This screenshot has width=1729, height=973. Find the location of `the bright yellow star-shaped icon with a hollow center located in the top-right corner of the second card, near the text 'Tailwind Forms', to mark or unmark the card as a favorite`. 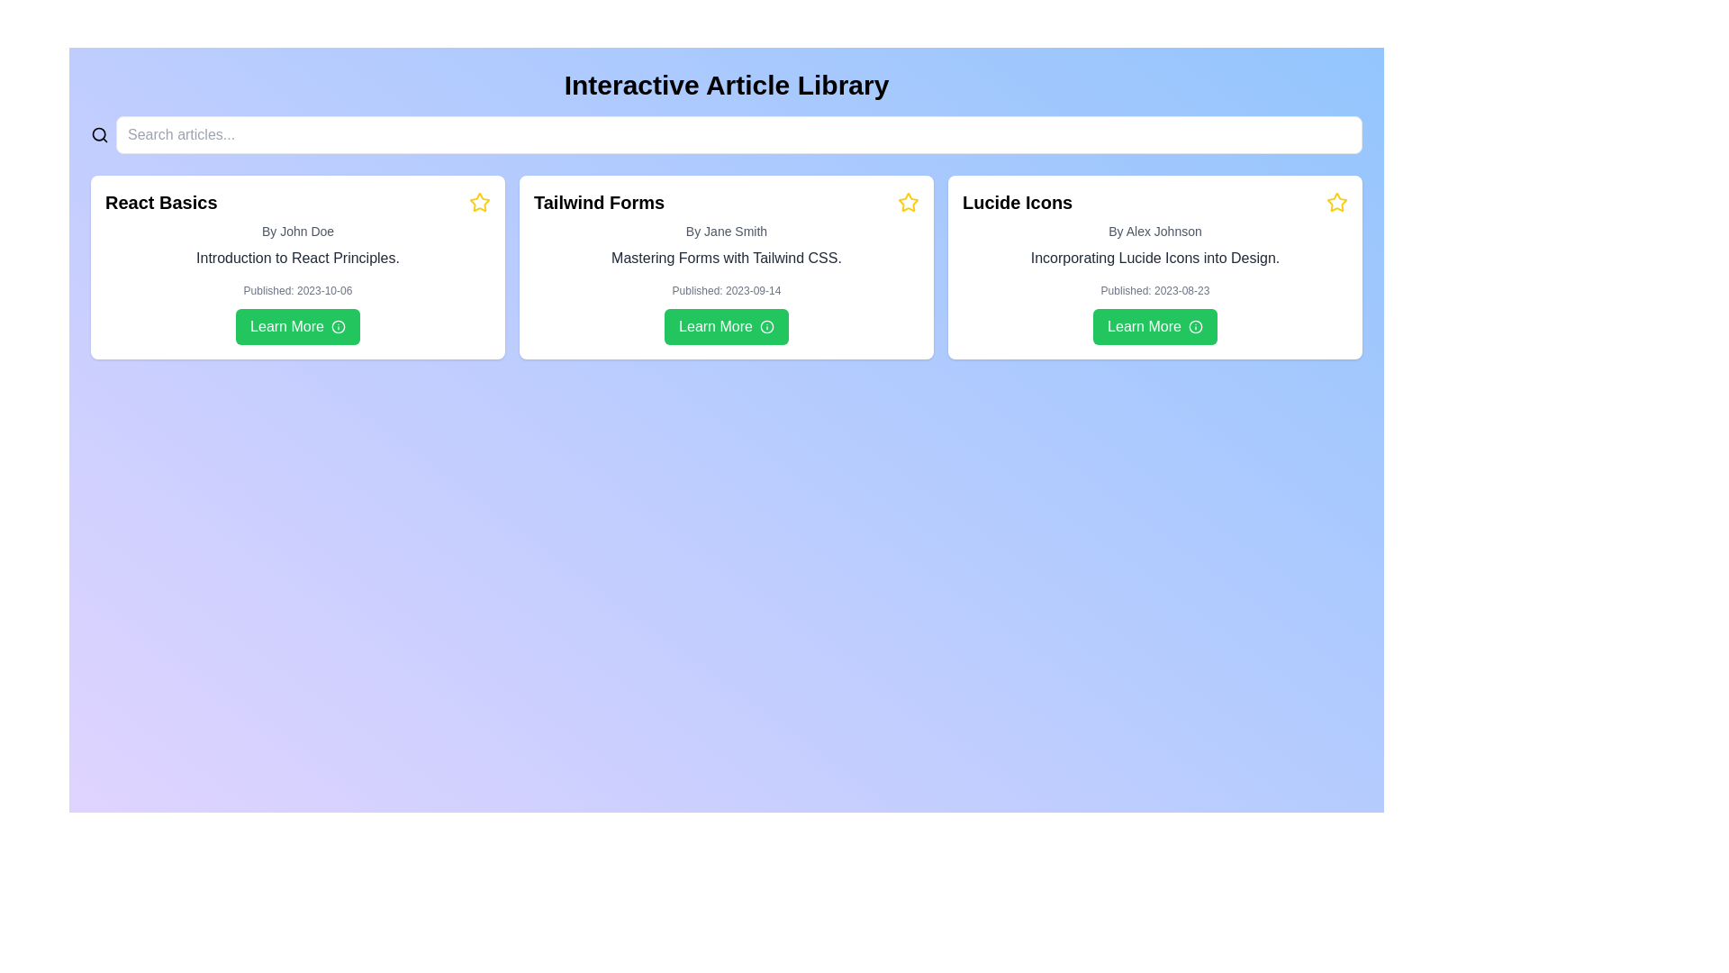

the bright yellow star-shaped icon with a hollow center located in the top-right corner of the second card, near the text 'Tailwind Forms', to mark or unmark the card as a favorite is located at coordinates (908, 201).